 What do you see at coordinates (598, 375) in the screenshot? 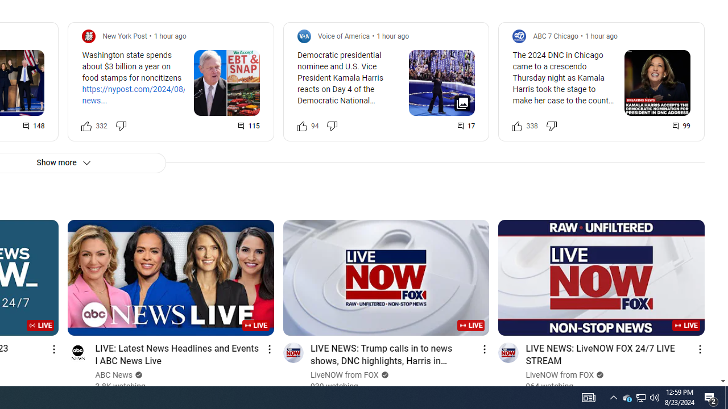
I see `'Verified'` at bounding box center [598, 375].